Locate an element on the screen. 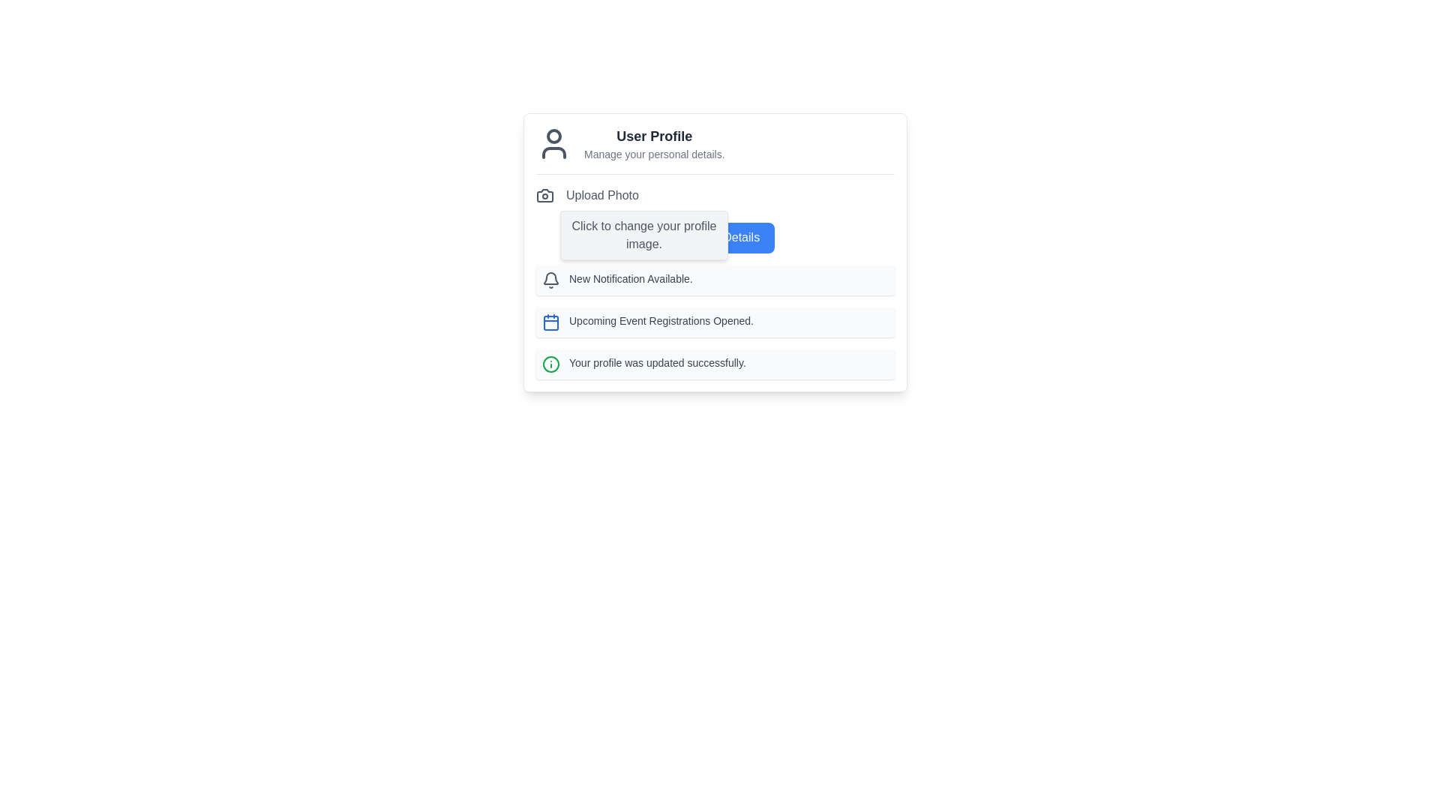  the success indicator icon located to the left of the text 'Your profile was updated successfully.' is located at coordinates (550, 364).